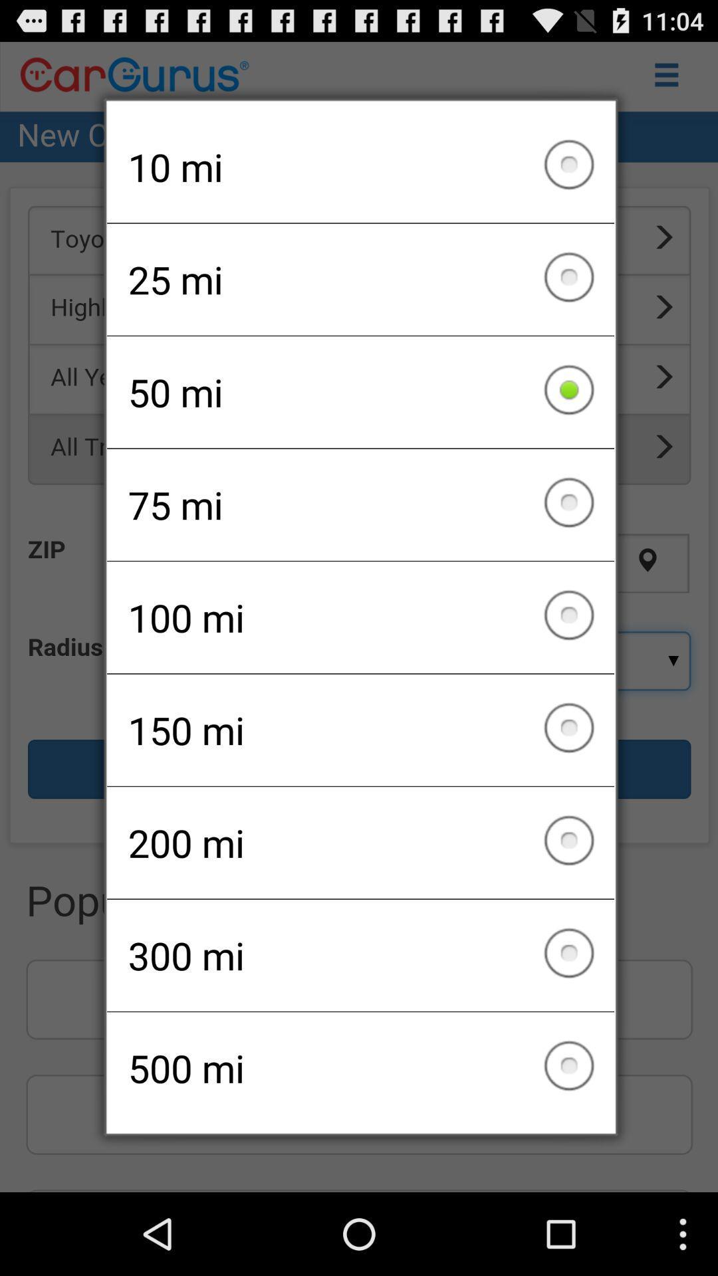 This screenshot has width=718, height=1276. What do you see at coordinates (360, 729) in the screenshot?
I see `item below the 100 mi item` at bounding box center [360, 729].